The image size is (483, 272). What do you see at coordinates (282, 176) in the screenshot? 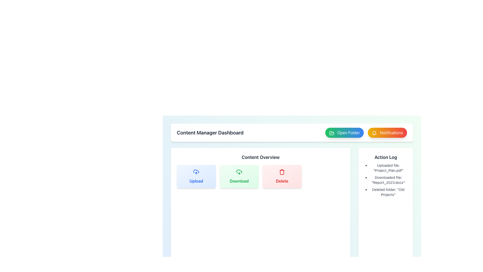
I see `the delete button, which is the third button in a row of three` at bounding box center [282, 176].